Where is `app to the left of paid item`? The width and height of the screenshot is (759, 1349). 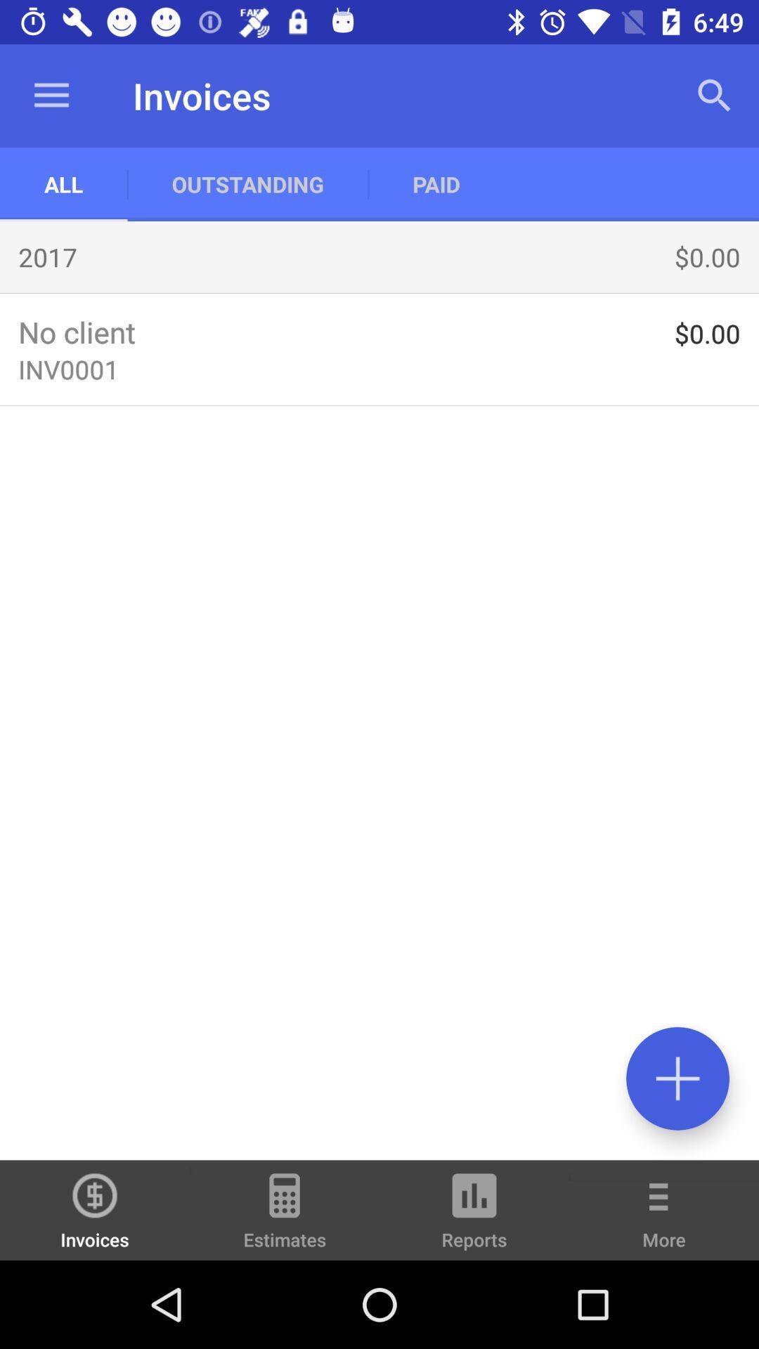
app to the left of paid item is located at coordinates (247, 183).